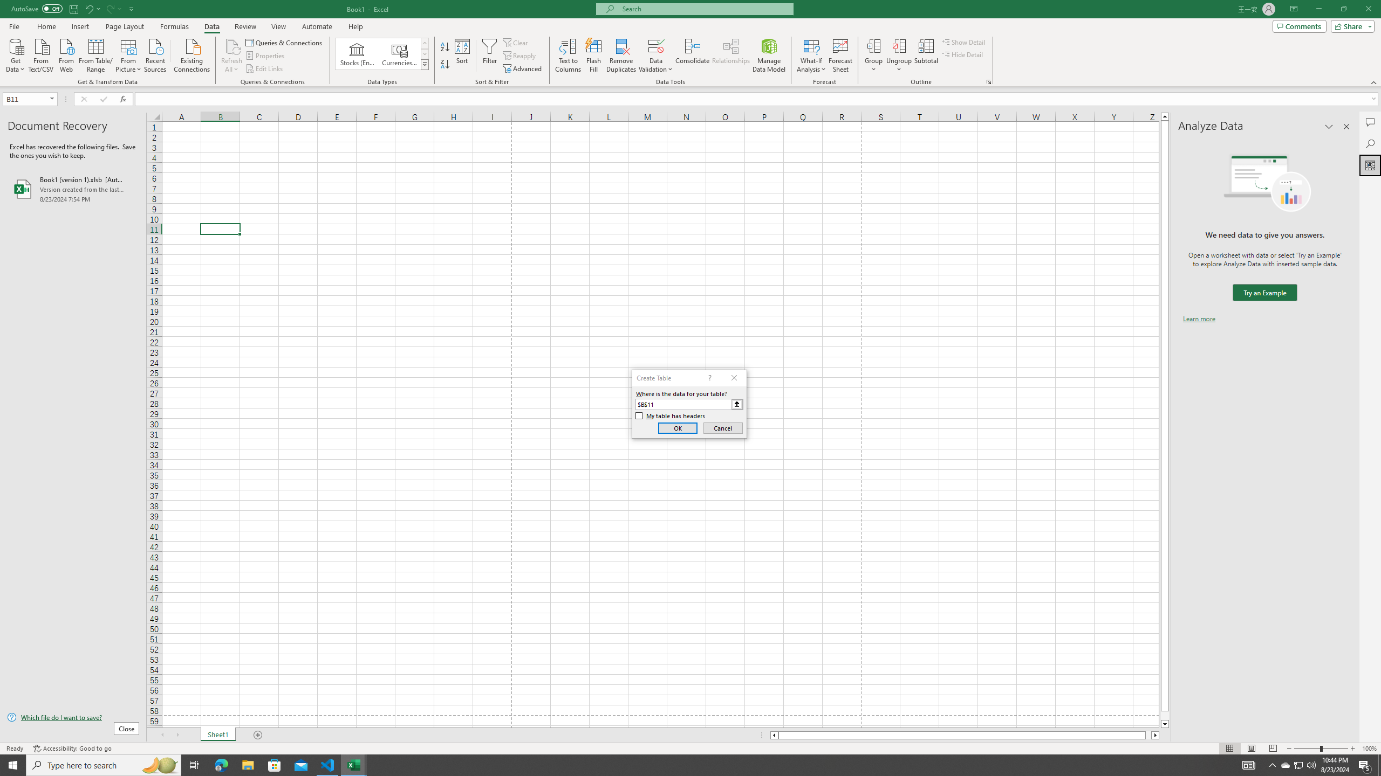 The height and width of the screenshot is (776, 1381). What do you see at coordinates (655, 45) in the screenshot?
I see `'Data Validation...'` at bounding box center [655, 45].